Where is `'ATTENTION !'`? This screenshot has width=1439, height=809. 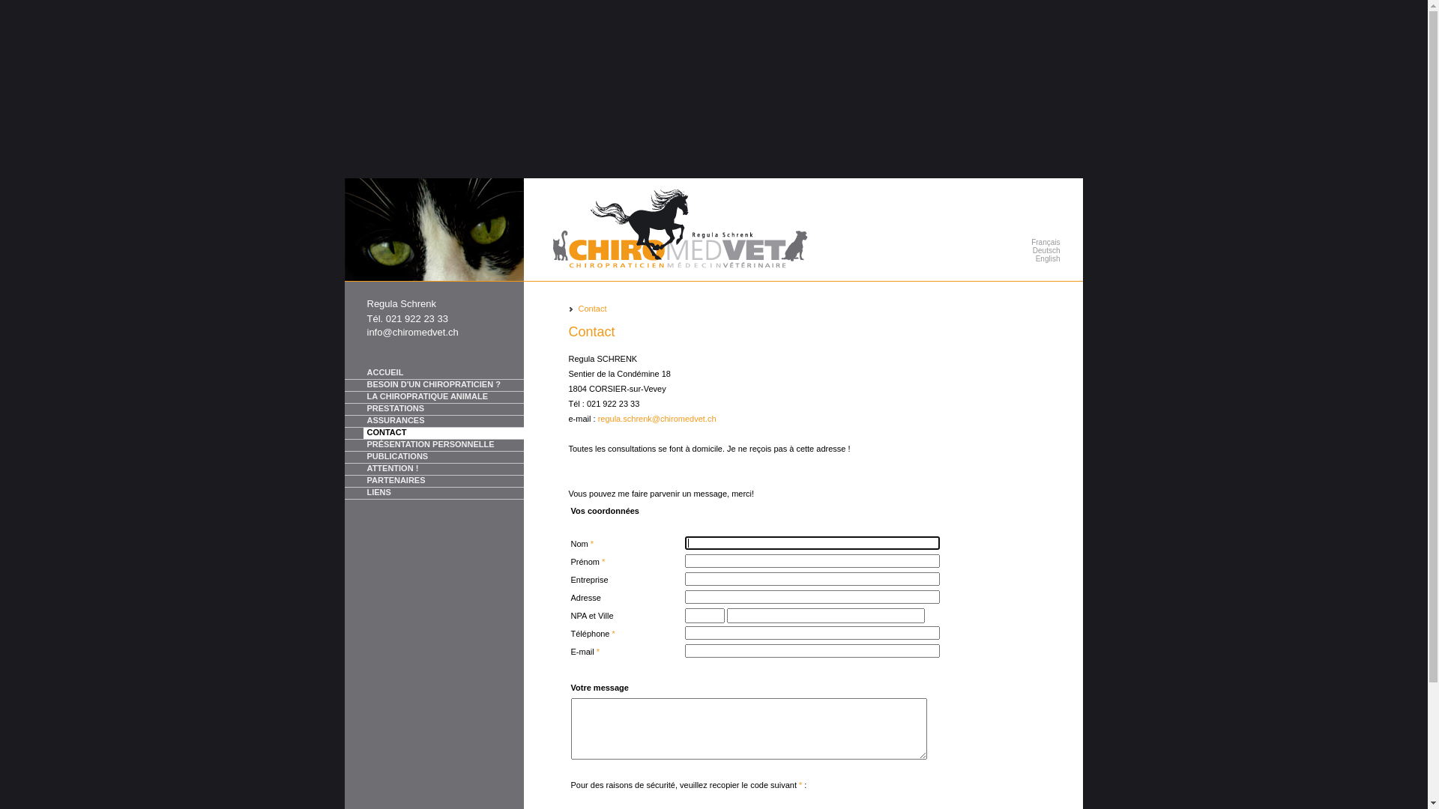
'ATTENTION !' is located at coordinates (441, 468).